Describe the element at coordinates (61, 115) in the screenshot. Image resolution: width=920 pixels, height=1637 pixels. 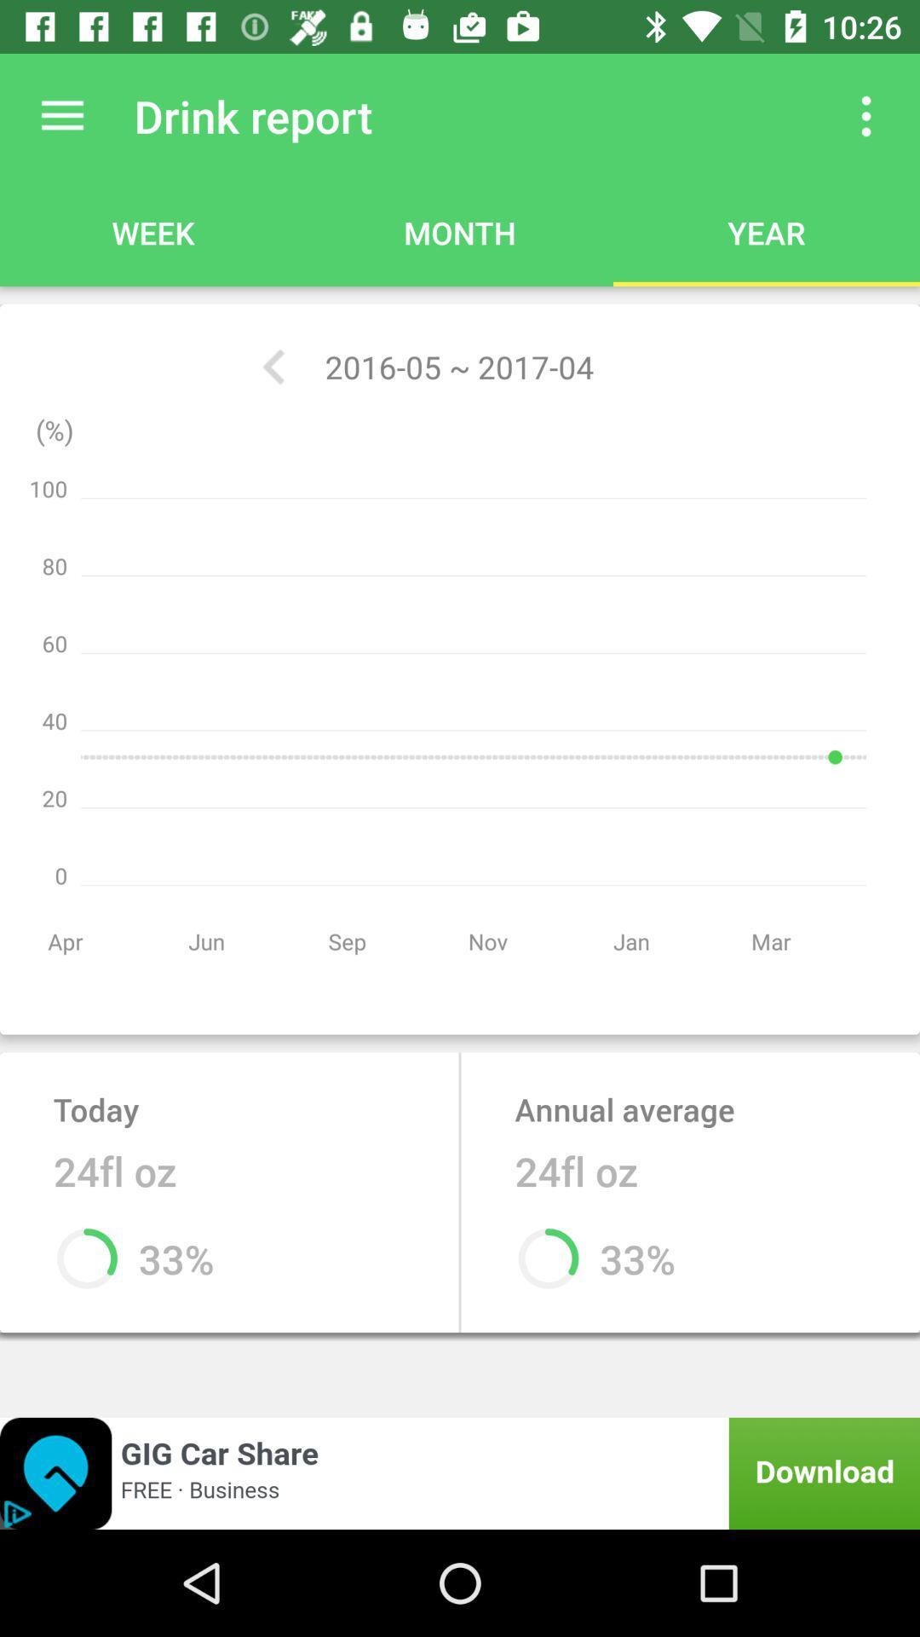
I see `the item above the week icon` at that location.